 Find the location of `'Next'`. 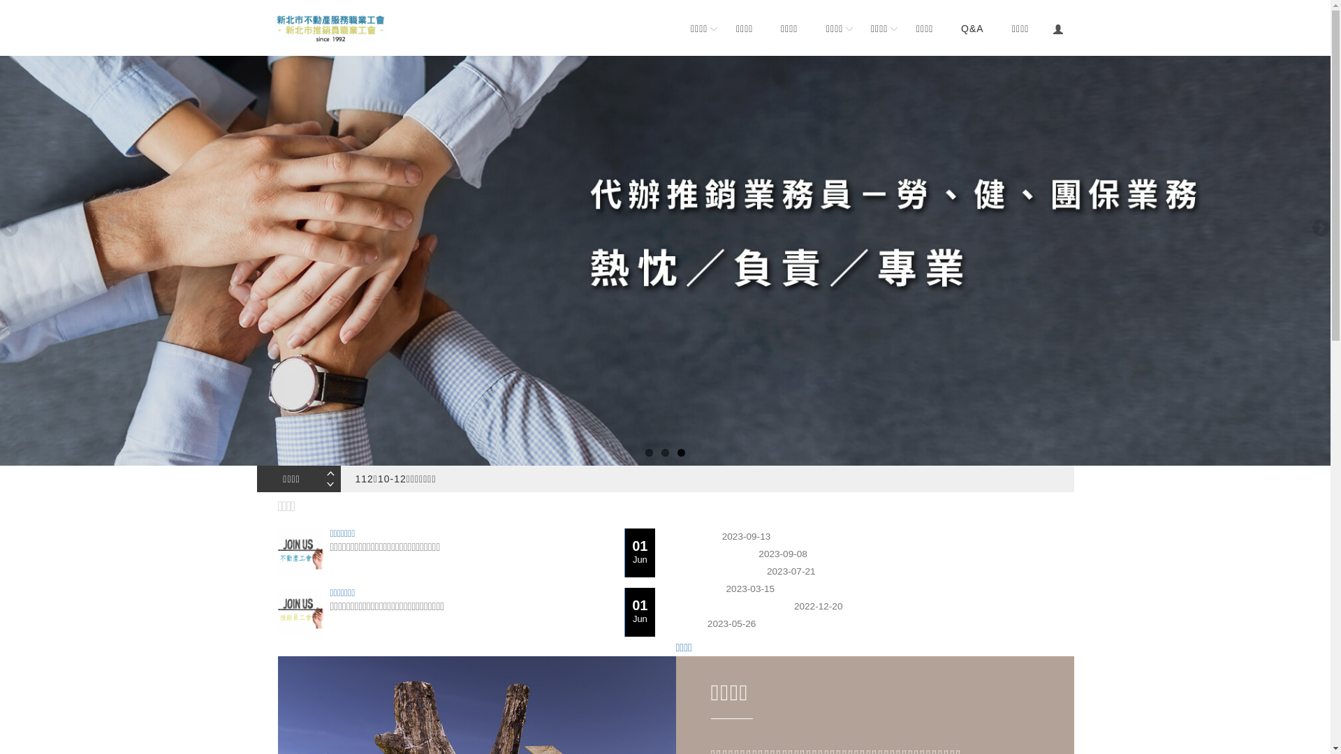

'Next' is located at coordinates (1309, 228).